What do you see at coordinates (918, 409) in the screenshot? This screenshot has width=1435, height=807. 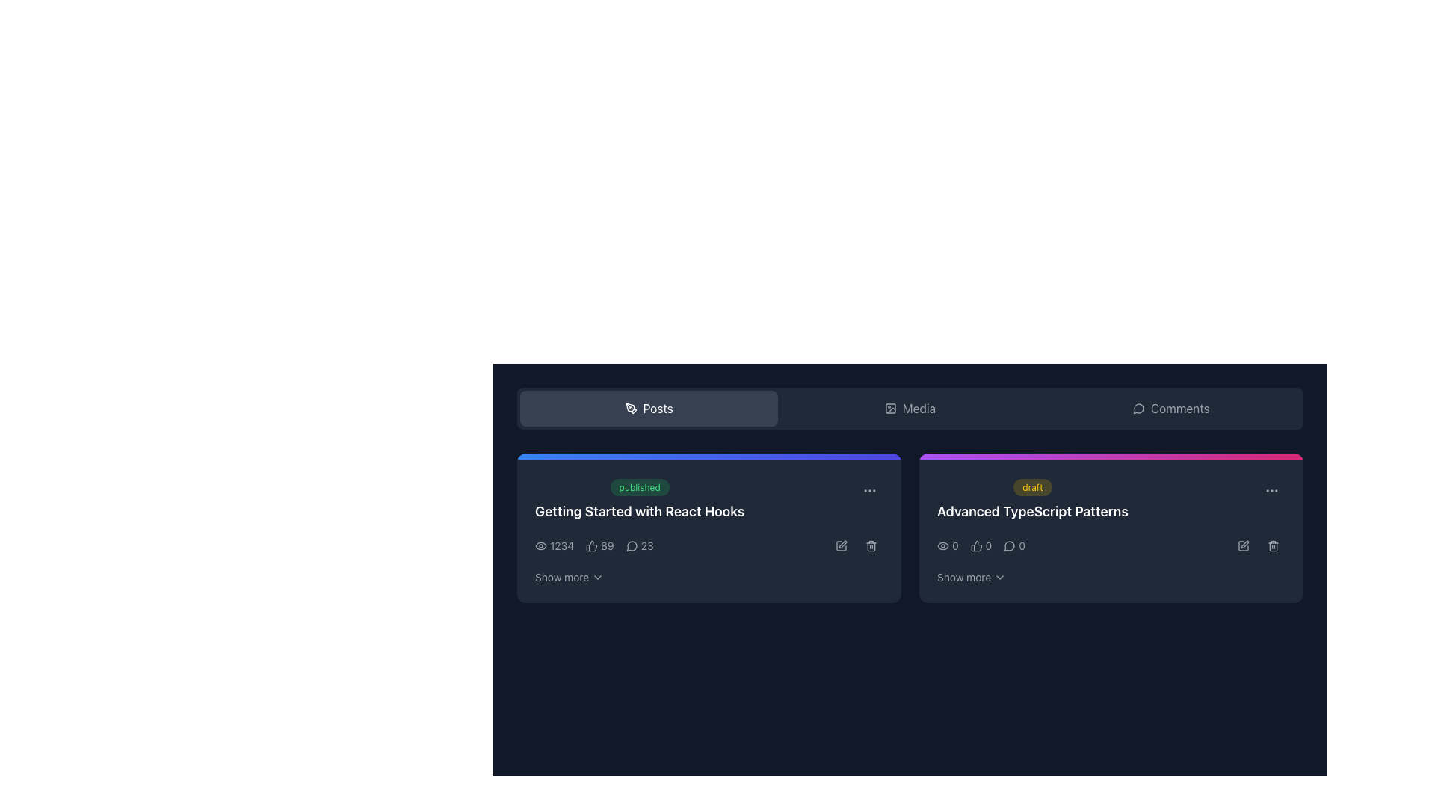 I see `the text label displaying 'Media' within the horizontal navigation bar` at bounding box center [918, 409].